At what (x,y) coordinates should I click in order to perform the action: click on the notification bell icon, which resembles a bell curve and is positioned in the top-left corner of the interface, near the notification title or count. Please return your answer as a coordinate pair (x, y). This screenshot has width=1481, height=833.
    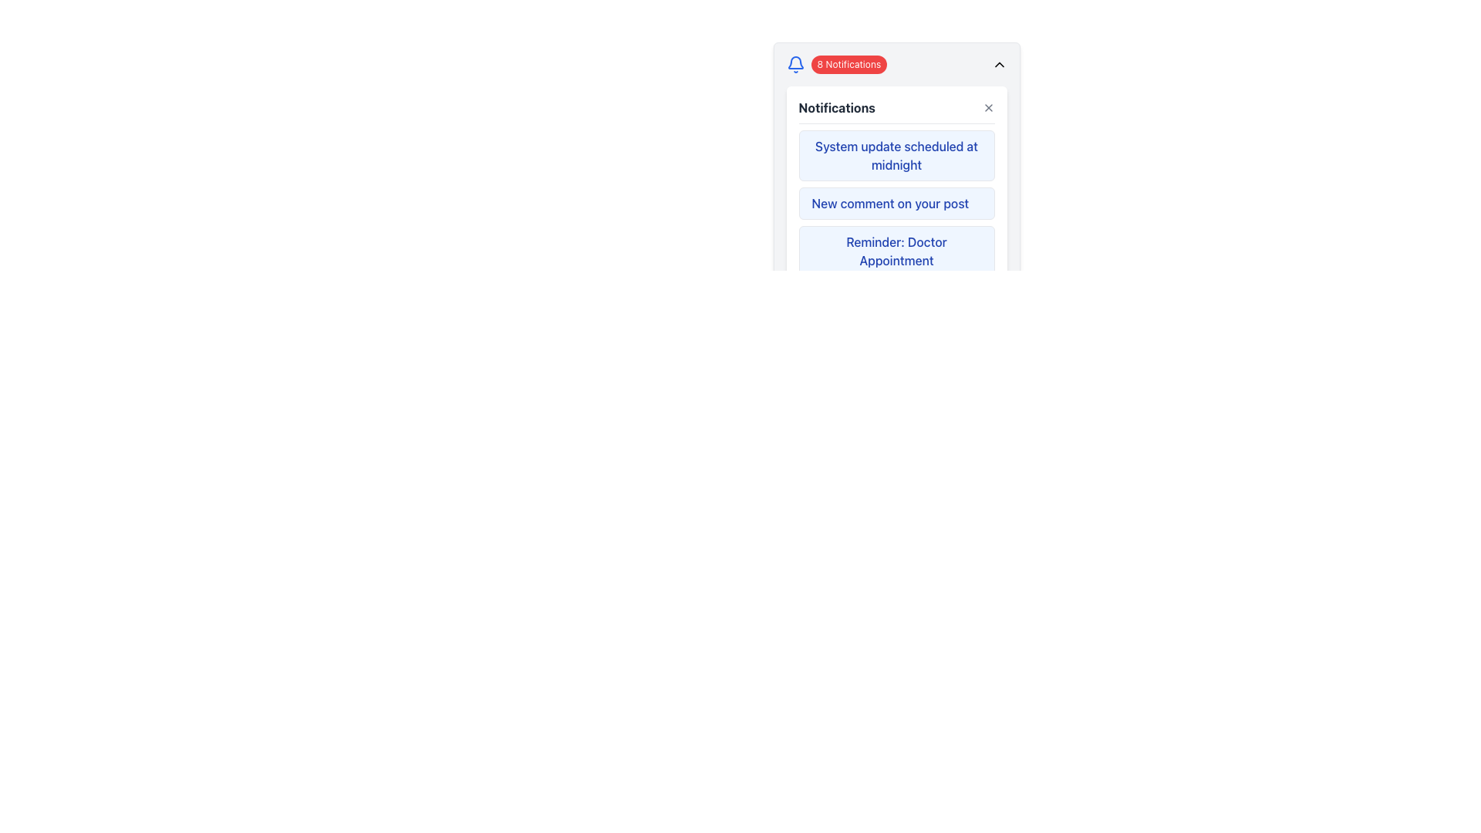
    Looking at the image, I should click on (795, 62).